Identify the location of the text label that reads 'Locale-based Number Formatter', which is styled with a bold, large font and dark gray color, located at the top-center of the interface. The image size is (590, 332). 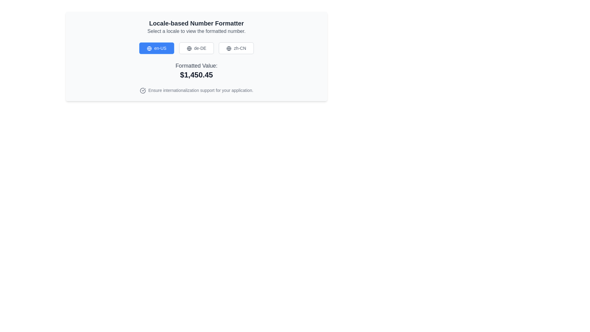
(196, 23).